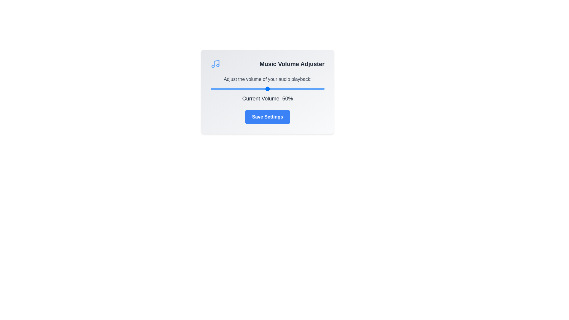  I want to click on the volume slider to 63%, so click(282, 89).